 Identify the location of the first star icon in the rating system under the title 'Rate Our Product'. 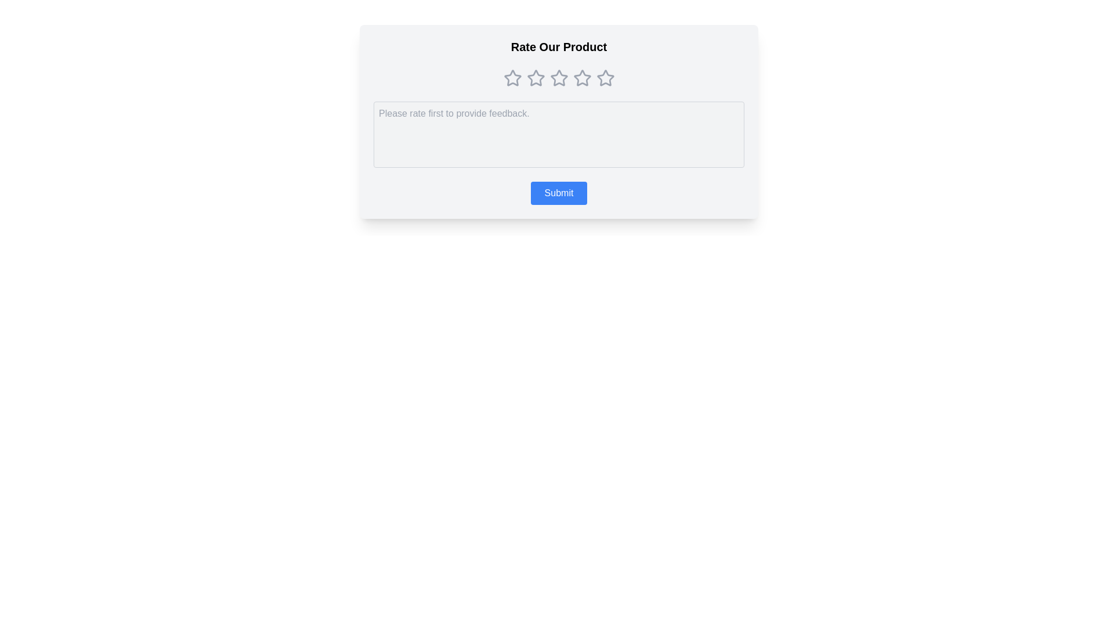
(512, 78).